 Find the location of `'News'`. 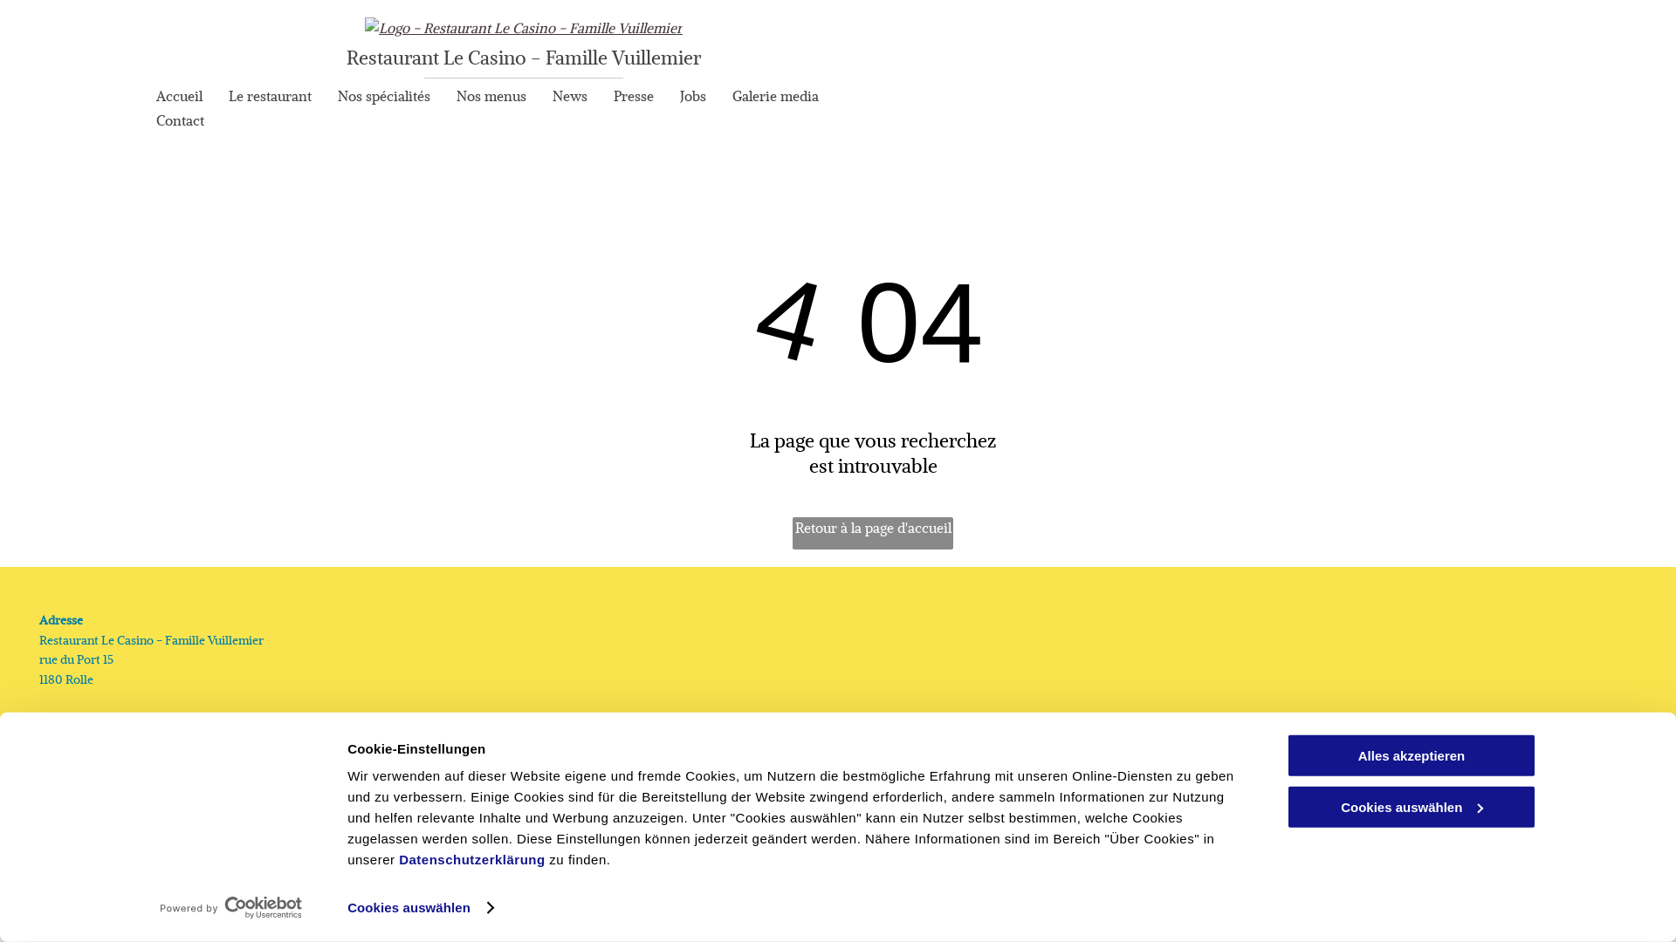

'News' is located at coordinates (569, 97).